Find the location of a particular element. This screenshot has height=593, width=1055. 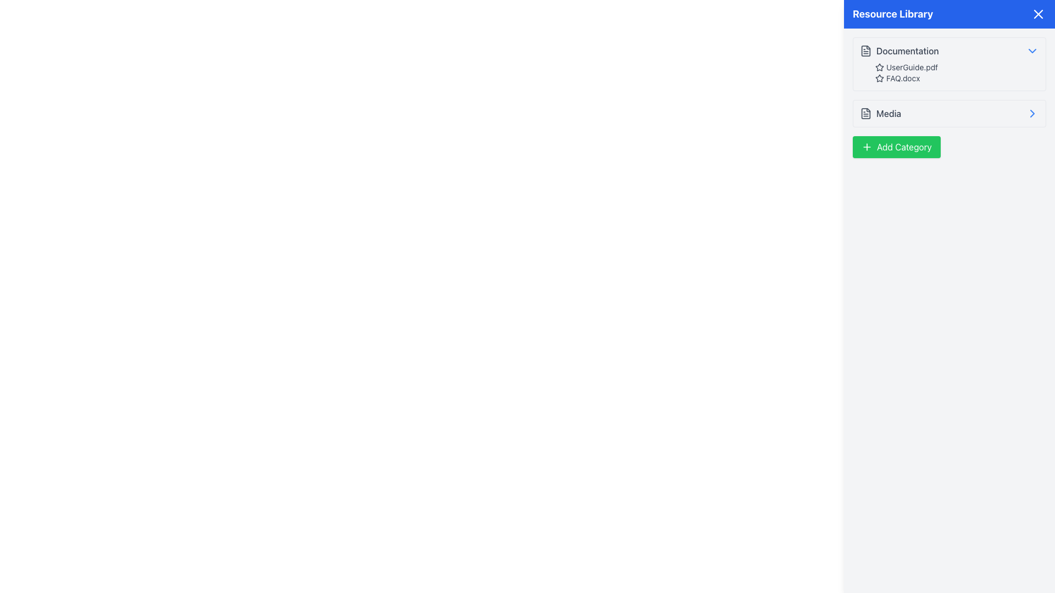

the close button icon in the top-right corner of the blue header bar labeled 'Resource Library' is located at coordinates (1038, 14).